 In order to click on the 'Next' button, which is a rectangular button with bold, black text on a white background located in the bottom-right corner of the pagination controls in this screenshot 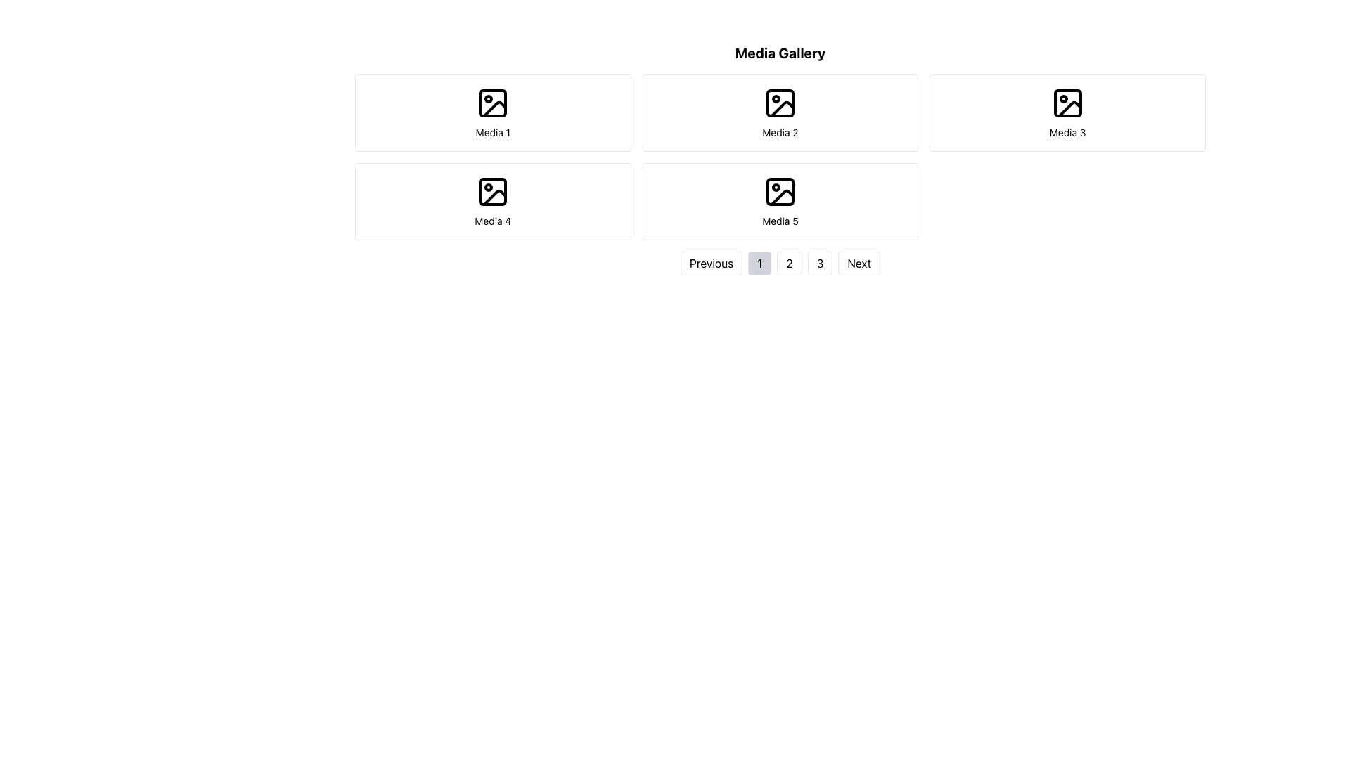, I will do `click(859, 263)`.